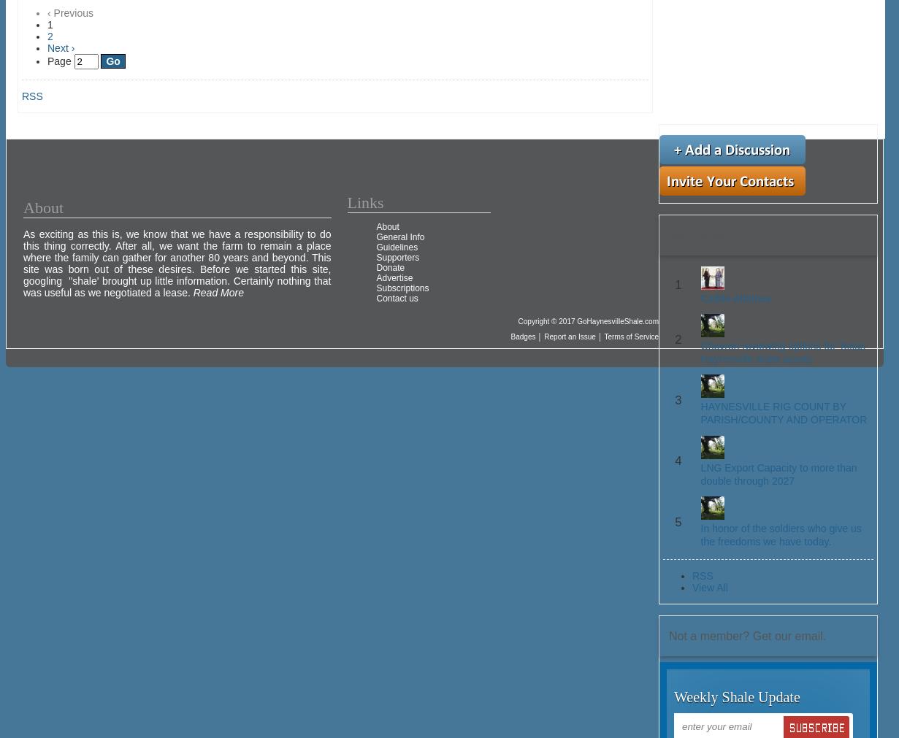 The height and width of the screenshot is (738, 899). Describe the element at coordinates (61, 47) in the screenshot. I see `'Next ›'` at that location.